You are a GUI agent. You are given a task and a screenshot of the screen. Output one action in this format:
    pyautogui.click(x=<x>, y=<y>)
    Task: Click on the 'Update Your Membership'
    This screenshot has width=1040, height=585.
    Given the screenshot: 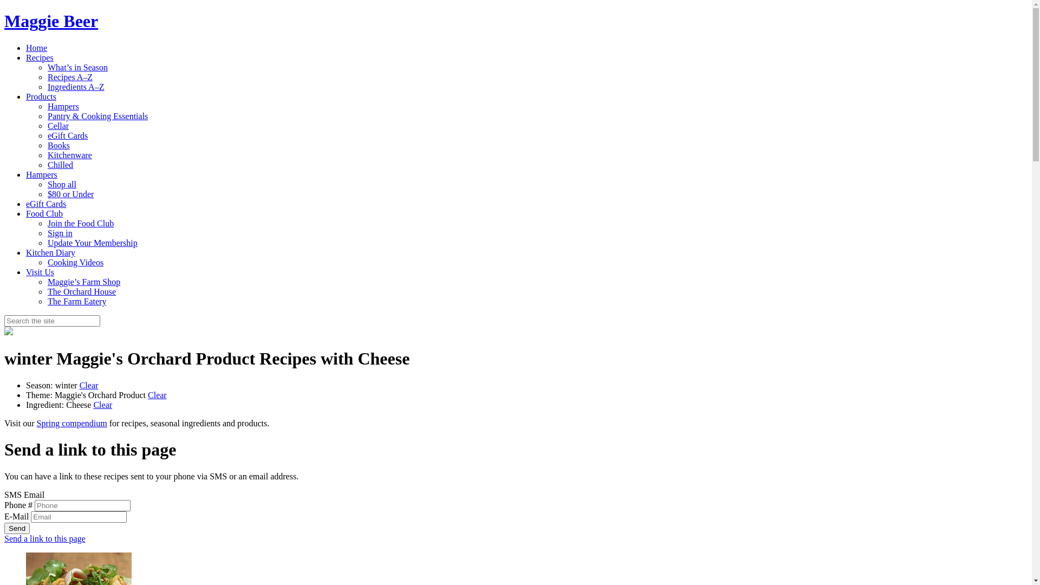 What is the action you would take?
    pyautogui.click(x=47, y=242)
    